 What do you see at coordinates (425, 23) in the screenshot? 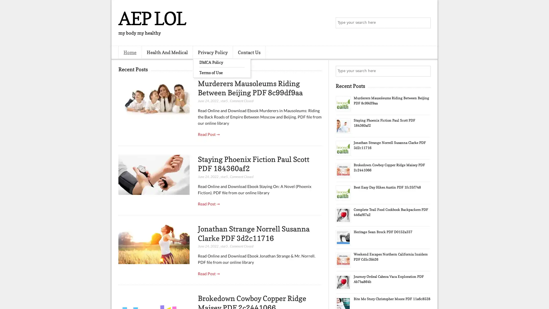
I see `Search` at bounding box center [425, 23].